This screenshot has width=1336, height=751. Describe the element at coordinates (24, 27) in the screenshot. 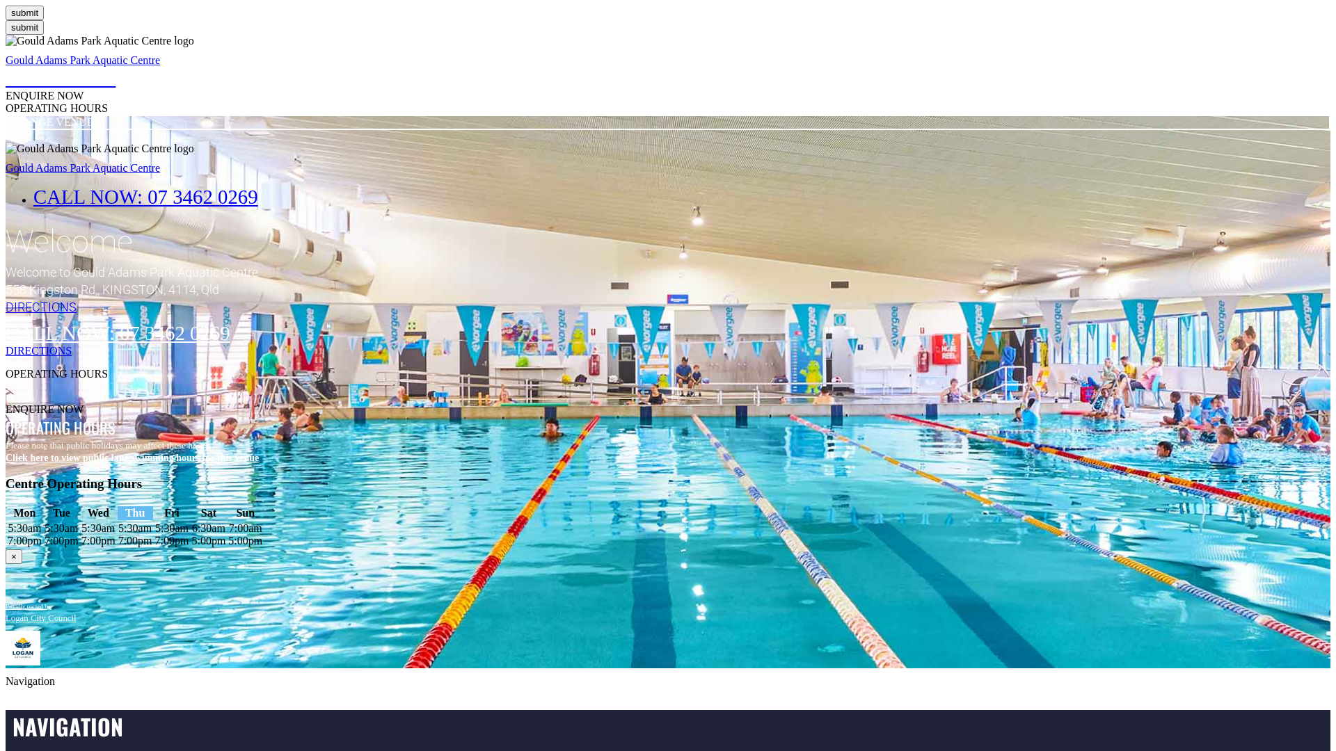

I see `'submit'` at that location.